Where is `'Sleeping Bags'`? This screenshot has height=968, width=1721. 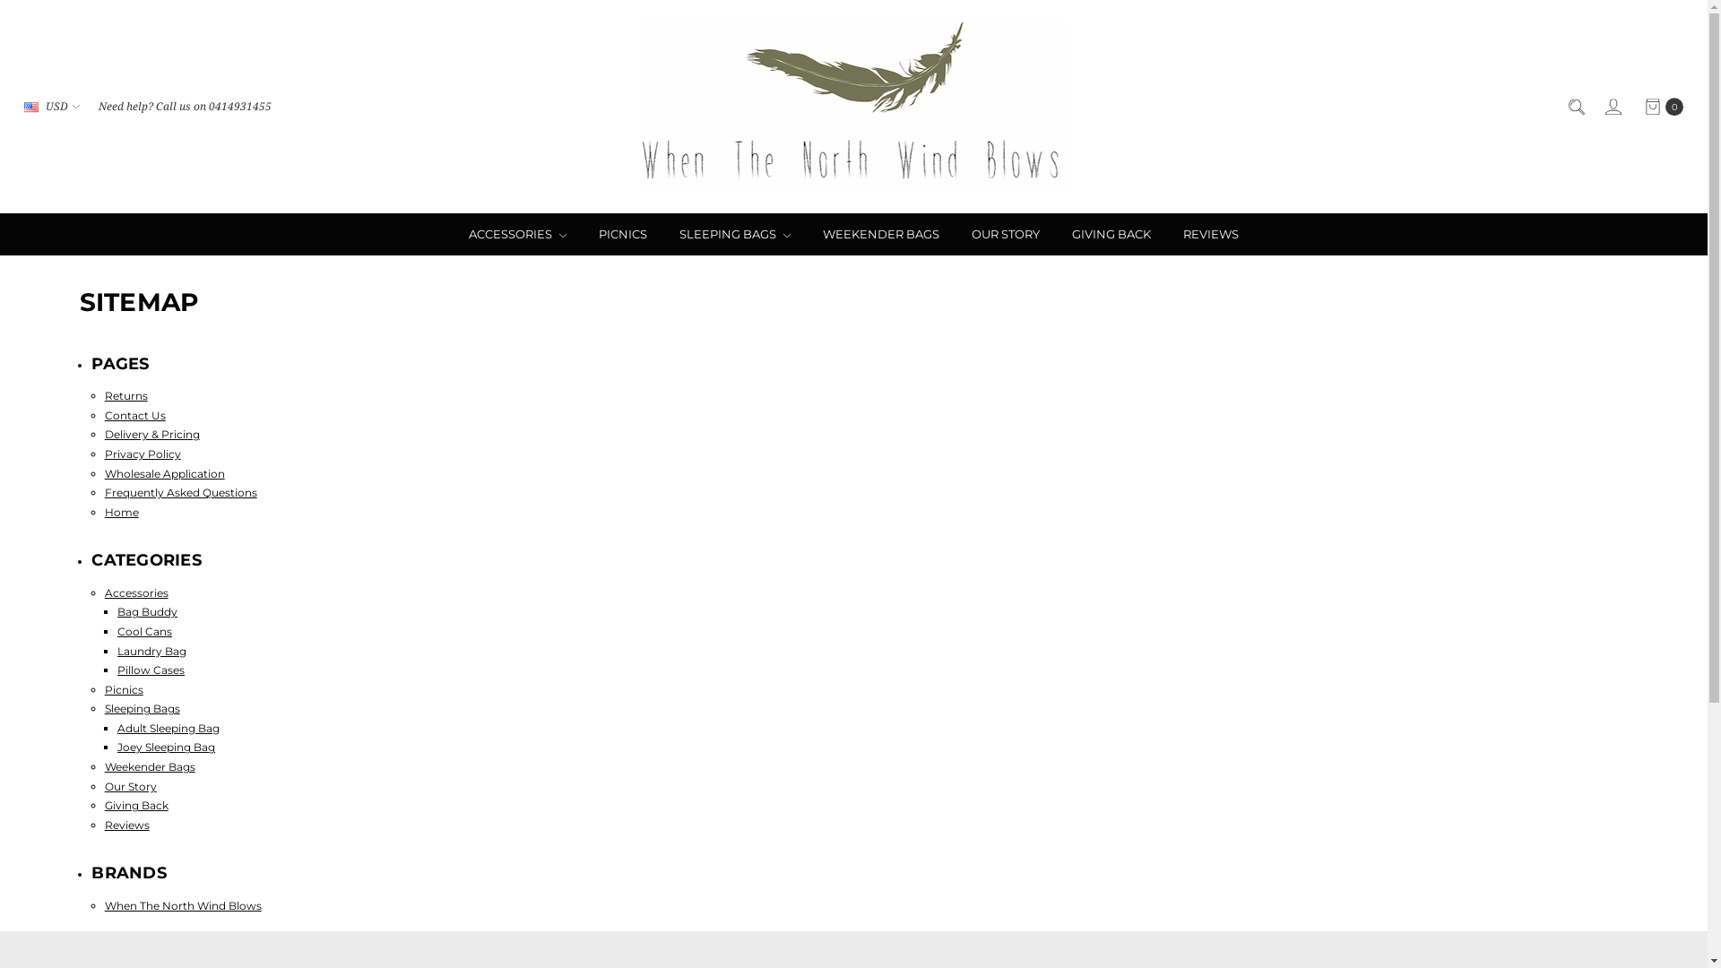
'Sleeping Bags' is located at coordinates (141, 707).